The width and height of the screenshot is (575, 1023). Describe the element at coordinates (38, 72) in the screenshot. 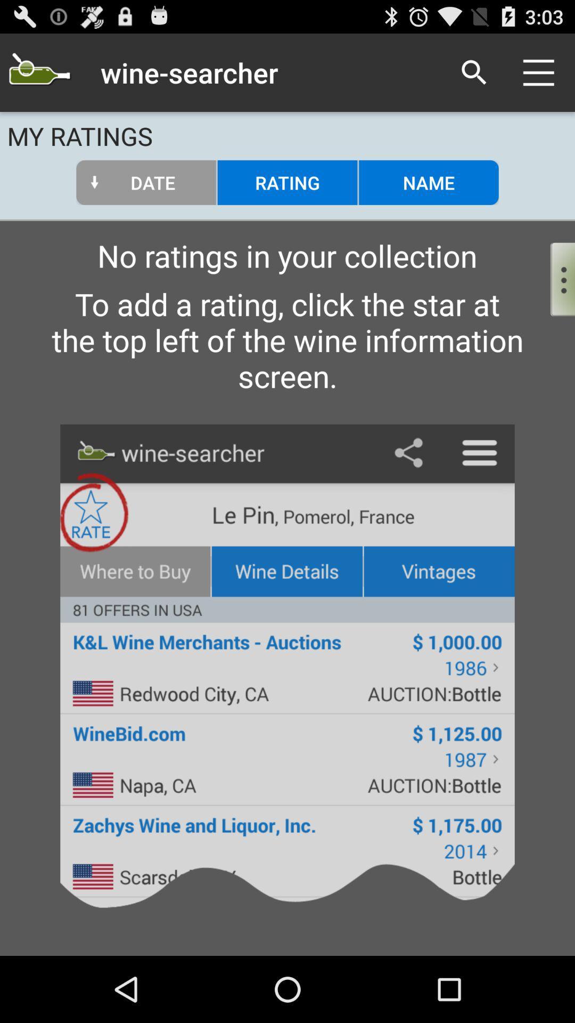

I see `search for a wine` at that location.